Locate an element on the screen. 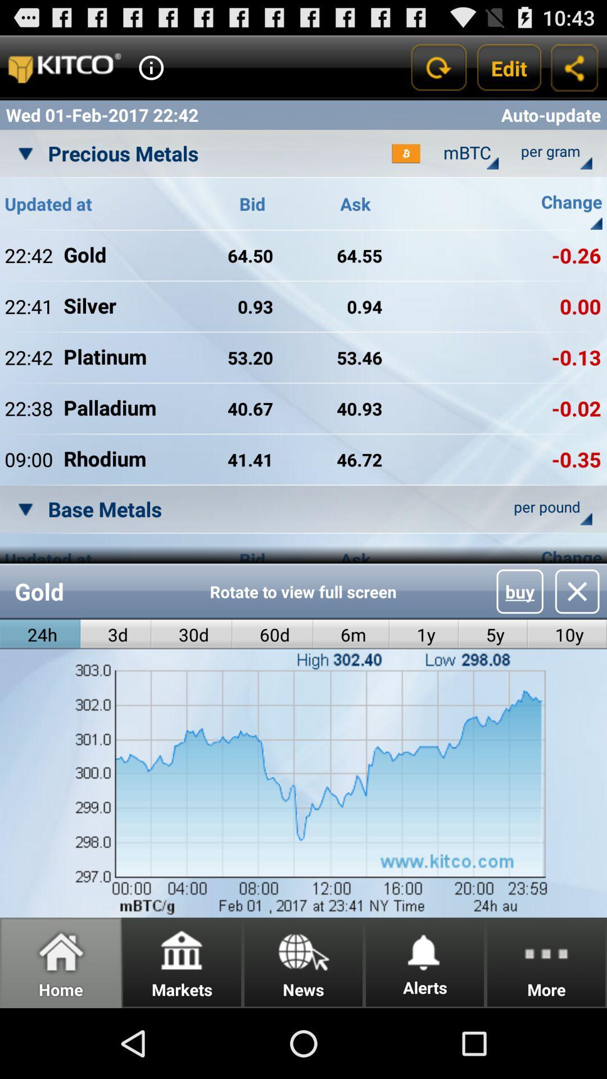  the radio button next to the 1y radio button is located at coordinates (492, 634).